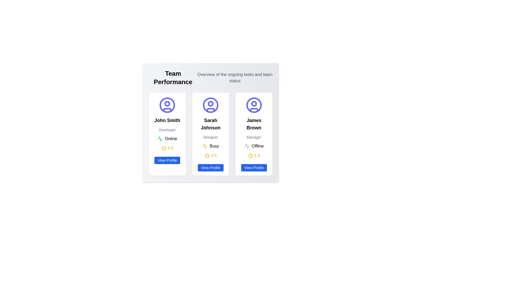 The width and height of the screenshot is (505, 284). I want to click on the button located below the '4.5' rating and 'Busy' status of the profile named 'Sarah Johnson' to change its background color, so click(211, 168).